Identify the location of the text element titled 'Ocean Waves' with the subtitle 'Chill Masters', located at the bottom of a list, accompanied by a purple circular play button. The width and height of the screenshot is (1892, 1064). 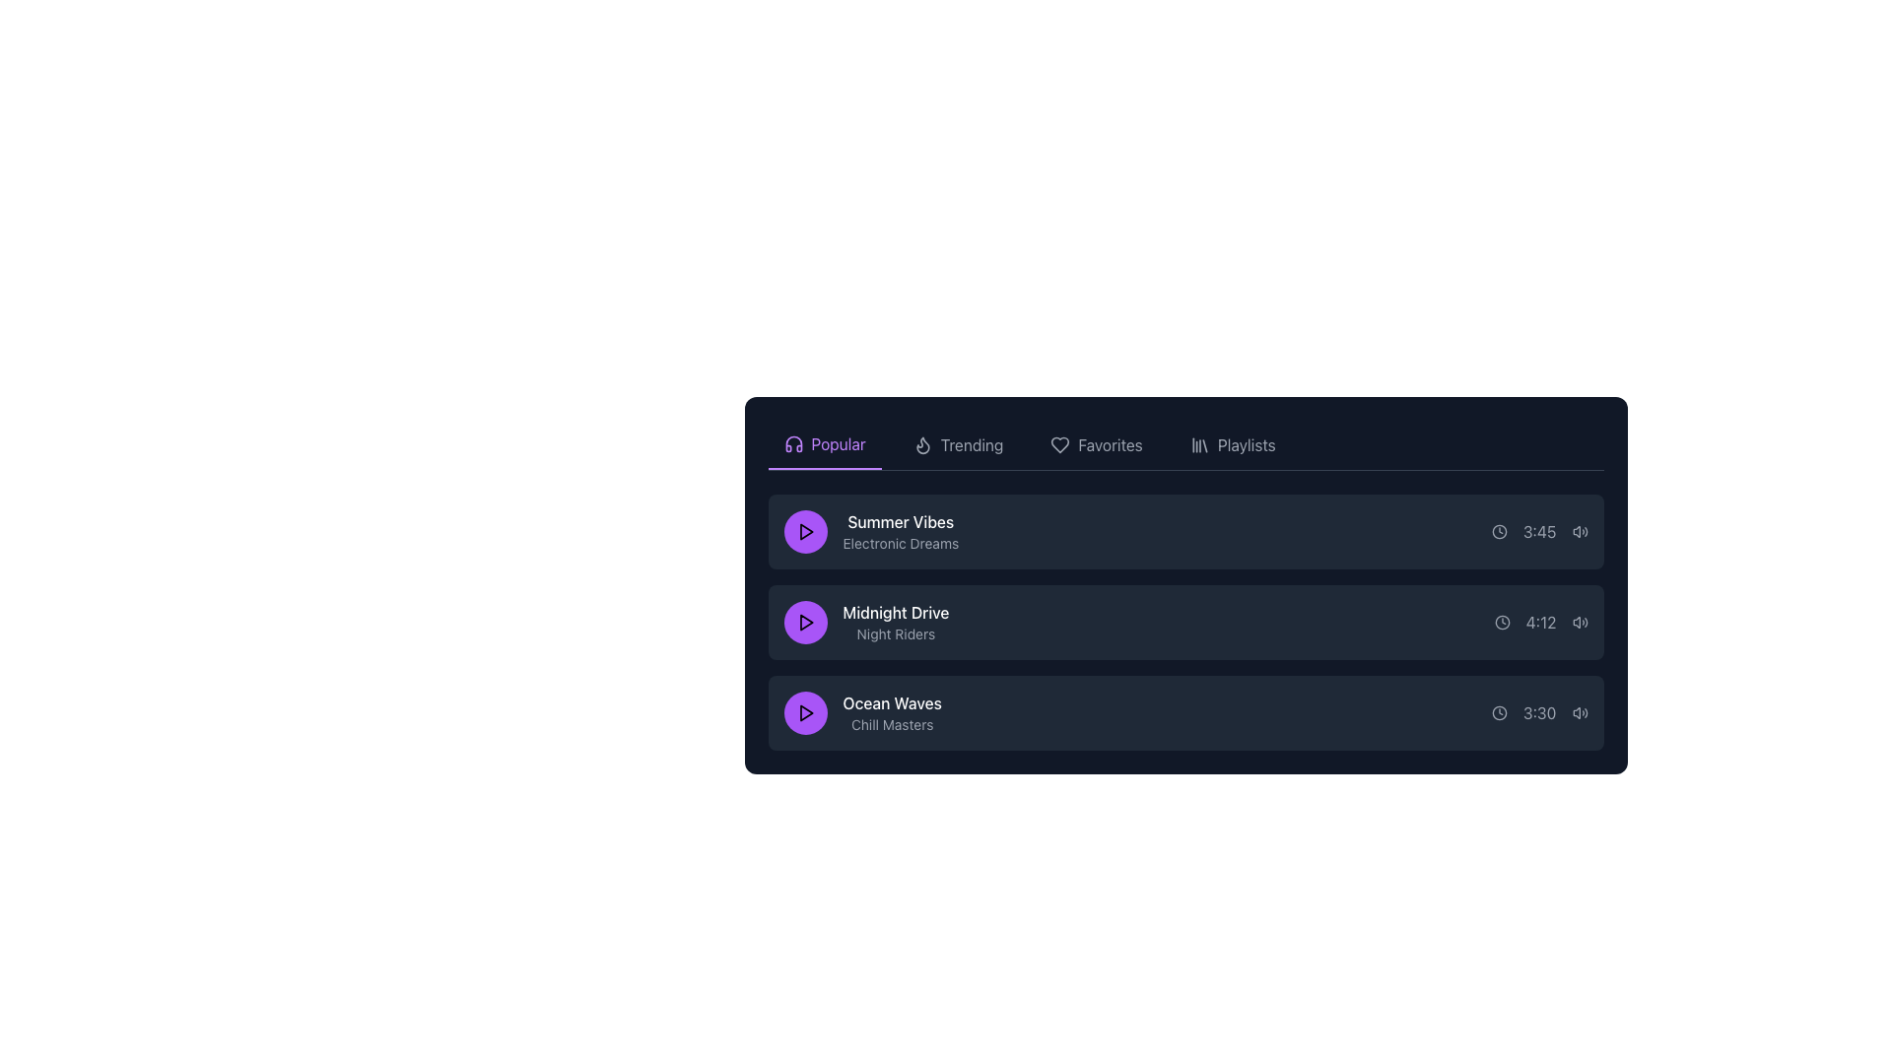
(891, 713).